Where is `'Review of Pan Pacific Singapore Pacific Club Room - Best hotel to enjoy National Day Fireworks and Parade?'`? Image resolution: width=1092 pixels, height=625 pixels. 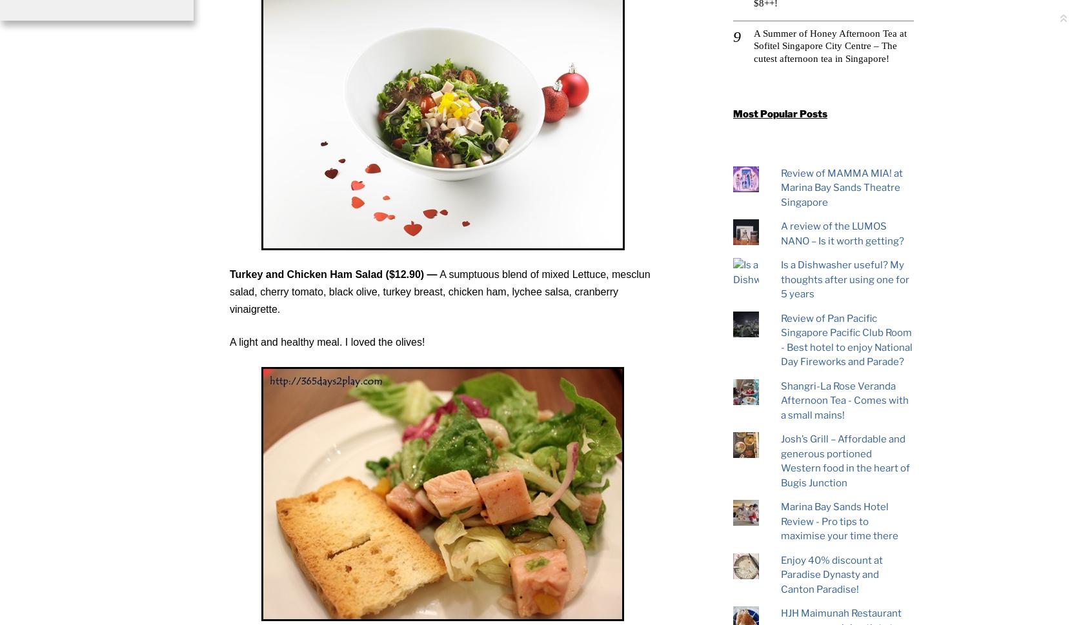 'Review of Pan Pacific Singapore Pacific Club Room - Best hotel to enjoy National Day Fireworks and Parade?' is located at coordinates (780, 339).